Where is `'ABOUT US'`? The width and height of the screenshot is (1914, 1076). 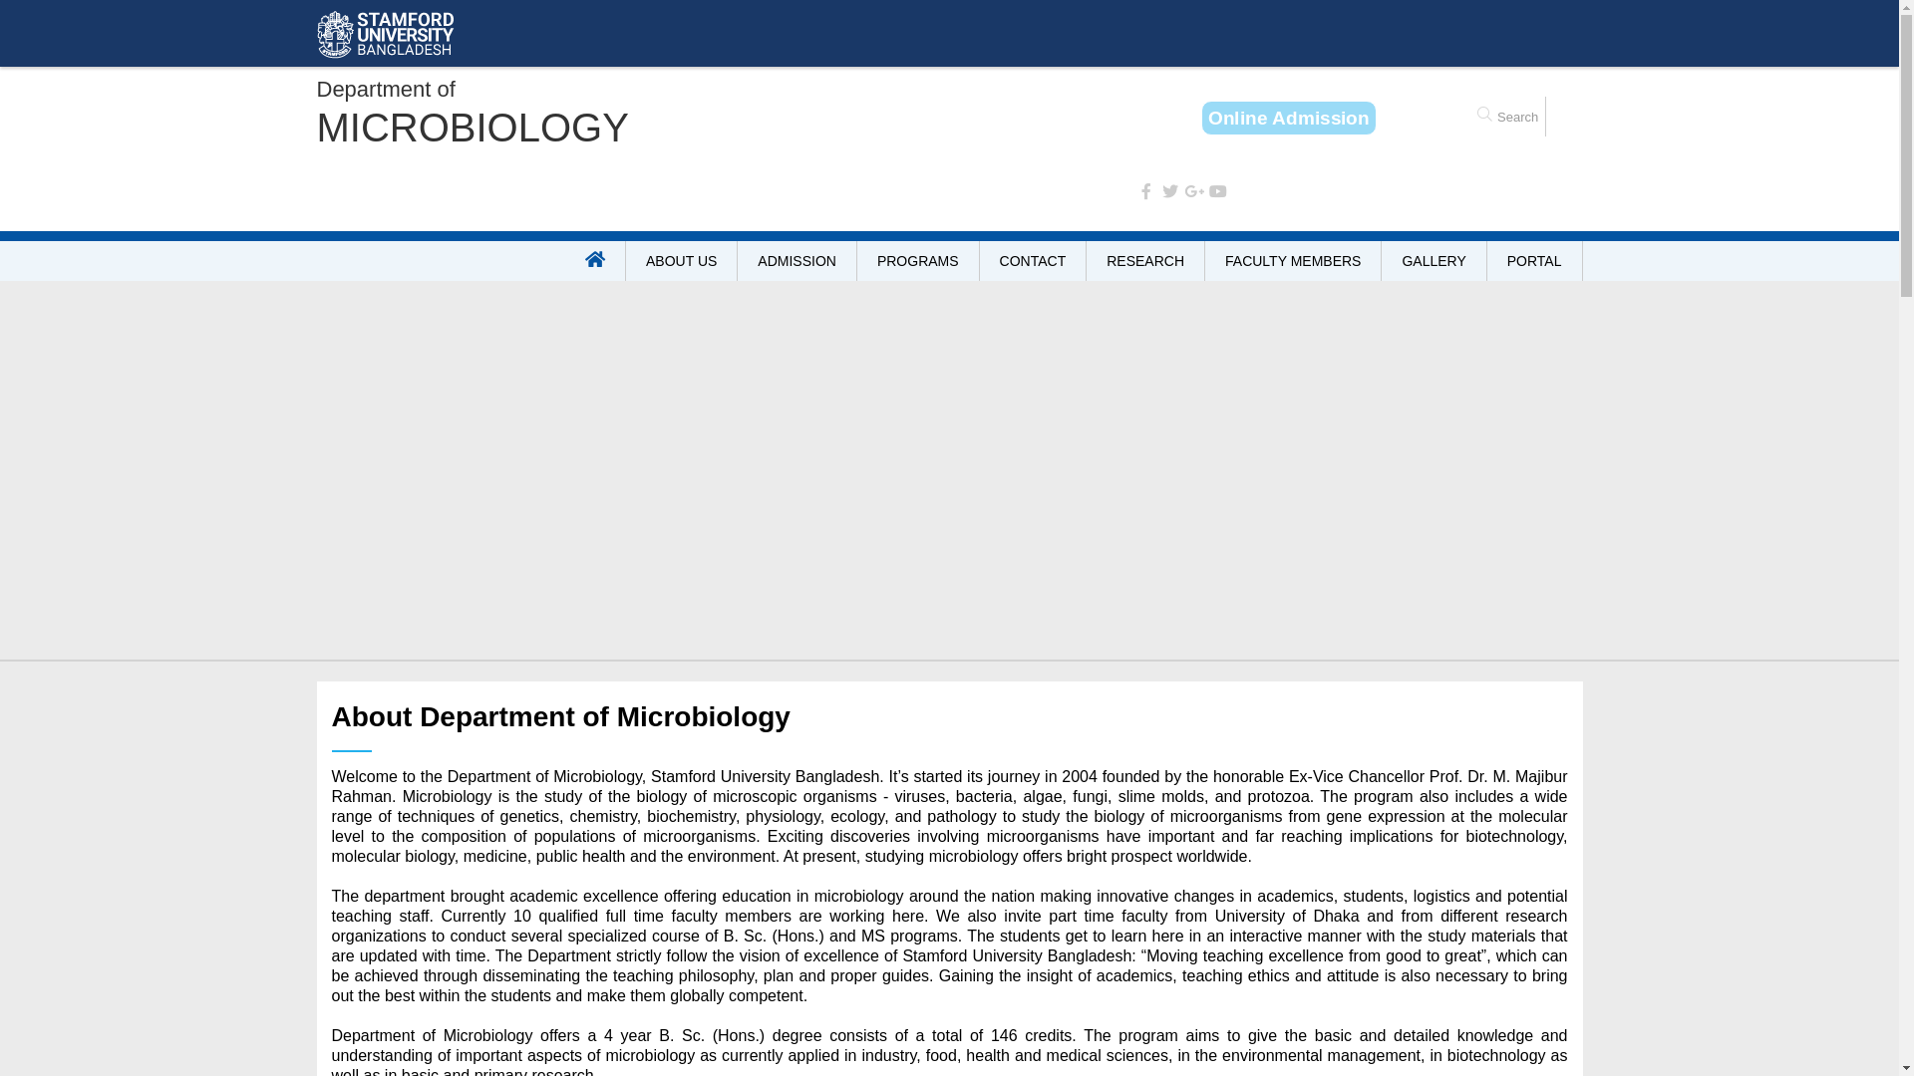
'ABOUT US' is located at coordinates (682, 260).